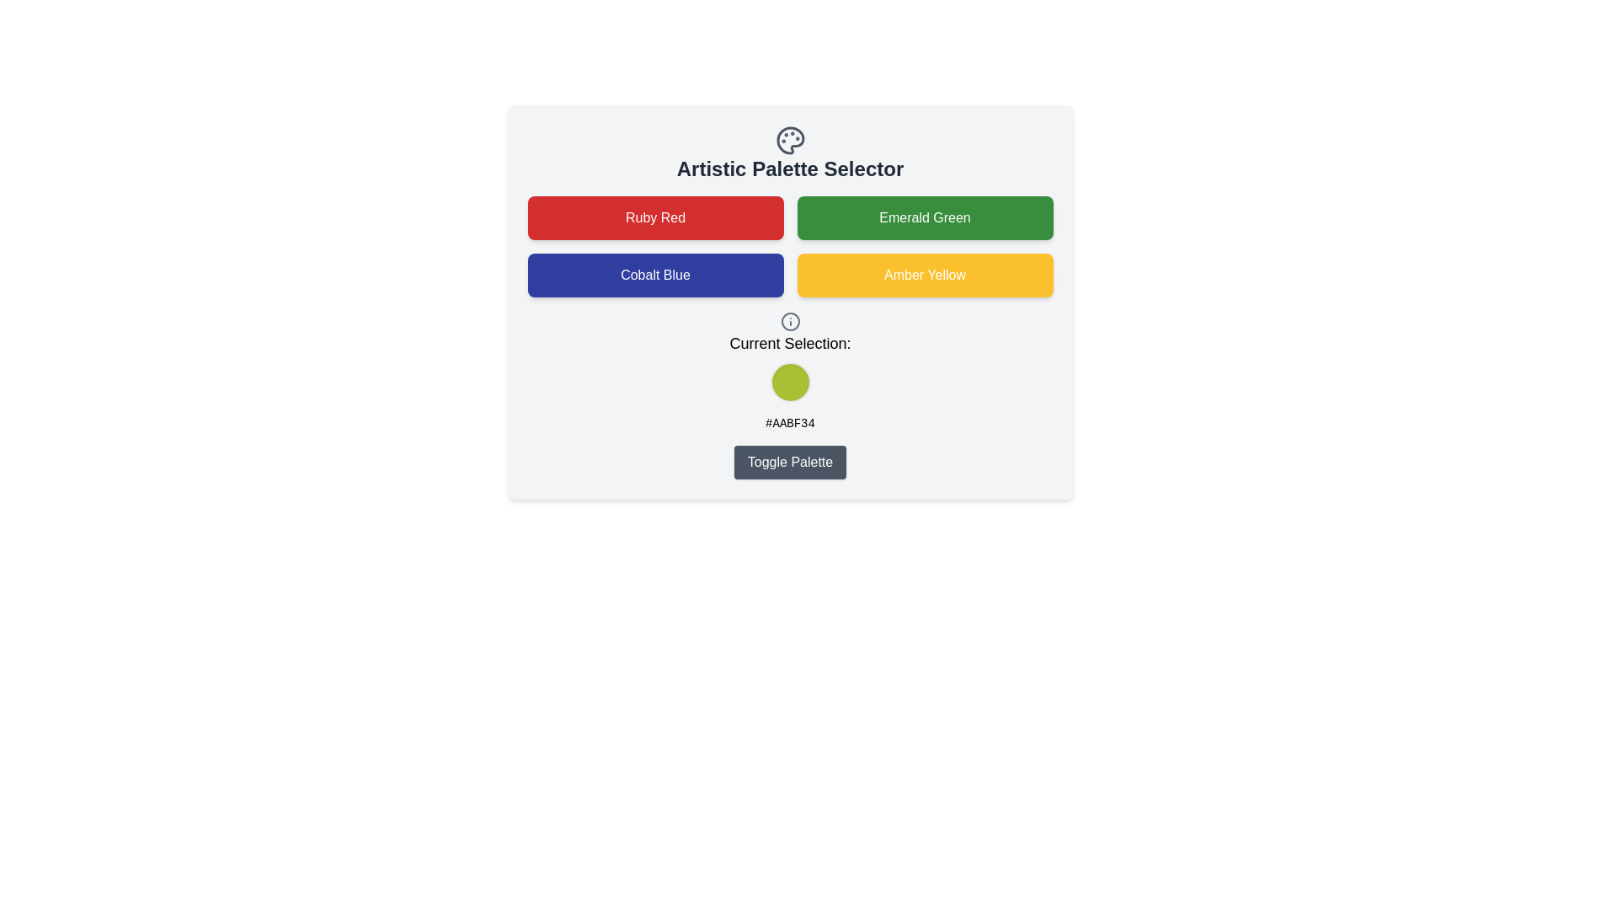 Image resolution: width=1617 pixels, height=910 pixels. What do you see at coordinates (789, 153) in the screenshot?
I see `the Header with an icon that indicates the purpose of the interface as a tool for selecting an artistic palette, located at the top of the color selection buttons` at bounding box center [789, 153].